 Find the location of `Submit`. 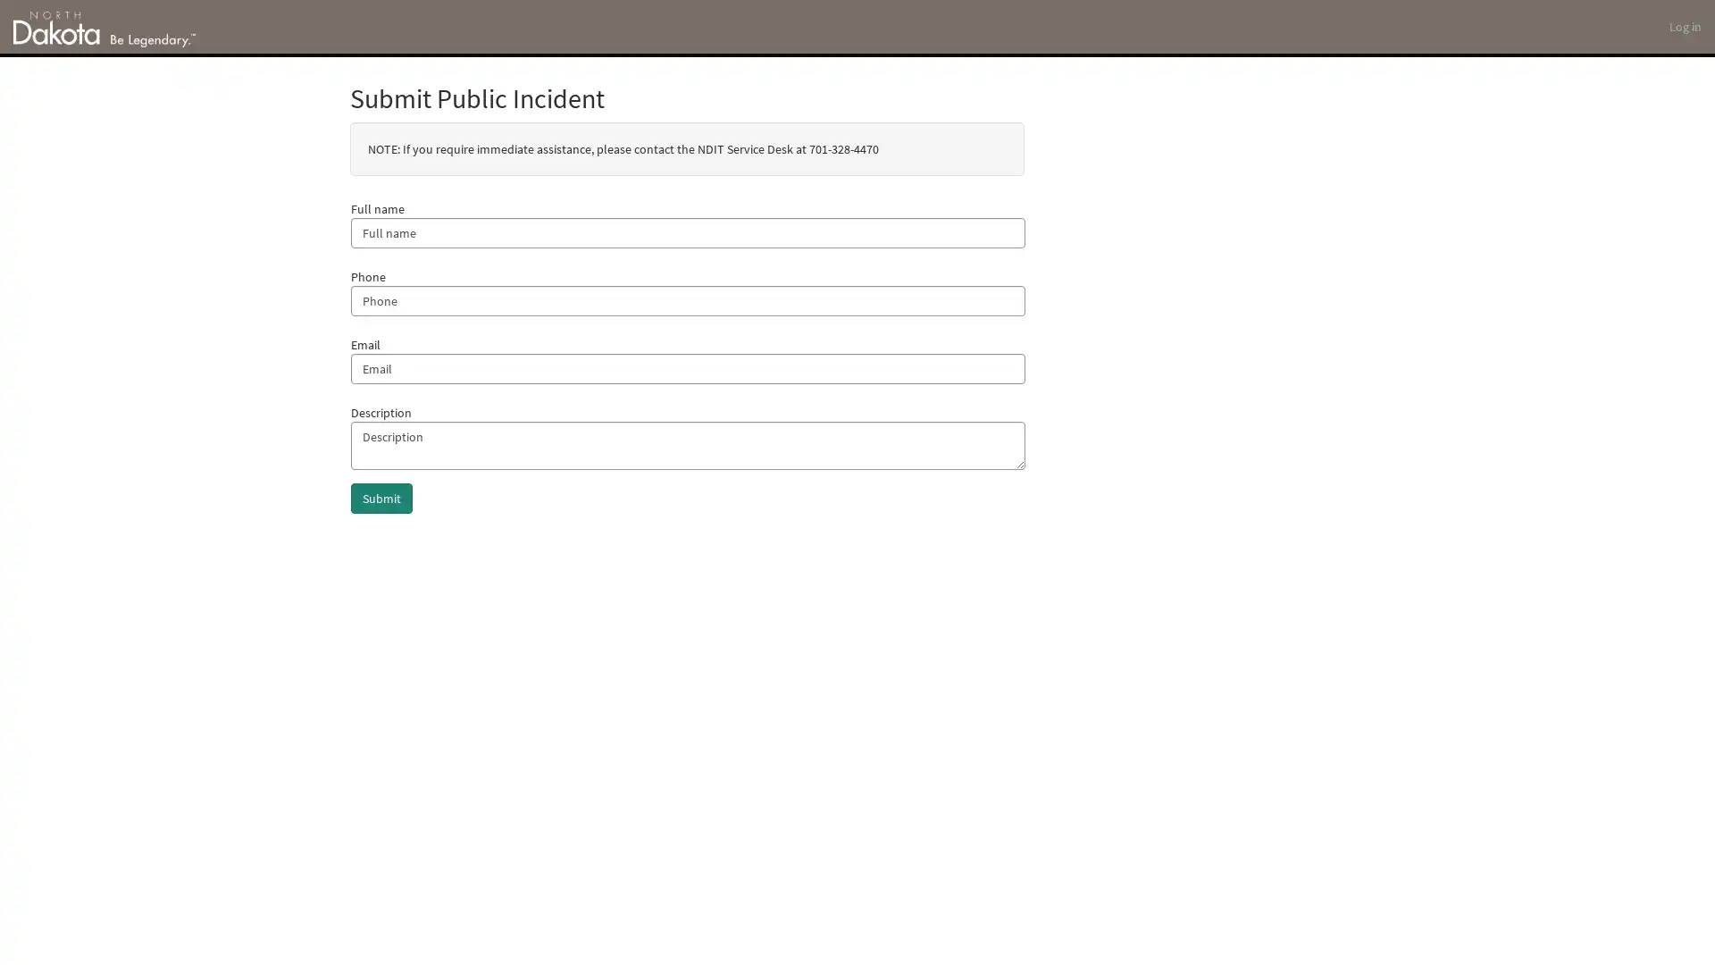

Submit is located at coordinates (380, 499).